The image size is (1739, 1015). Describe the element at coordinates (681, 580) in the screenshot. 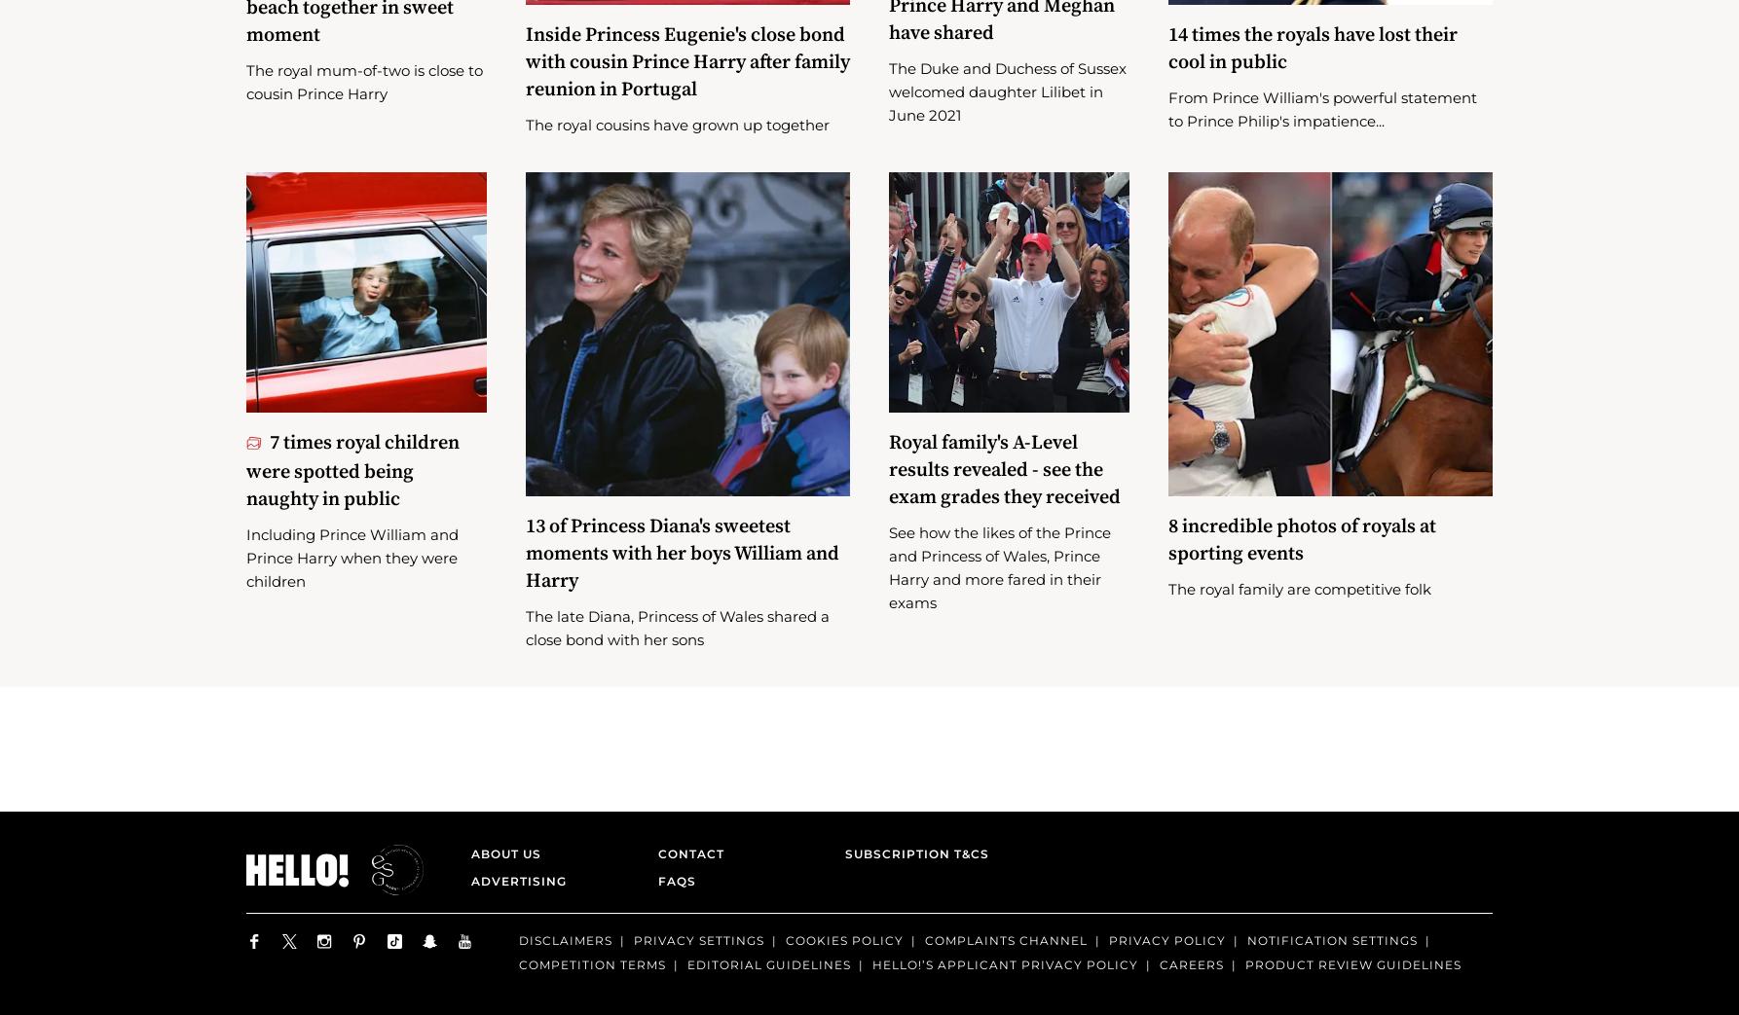

I see `'13 of Princess Diana's sweetest moments with her boys William and Harry'` at that location.